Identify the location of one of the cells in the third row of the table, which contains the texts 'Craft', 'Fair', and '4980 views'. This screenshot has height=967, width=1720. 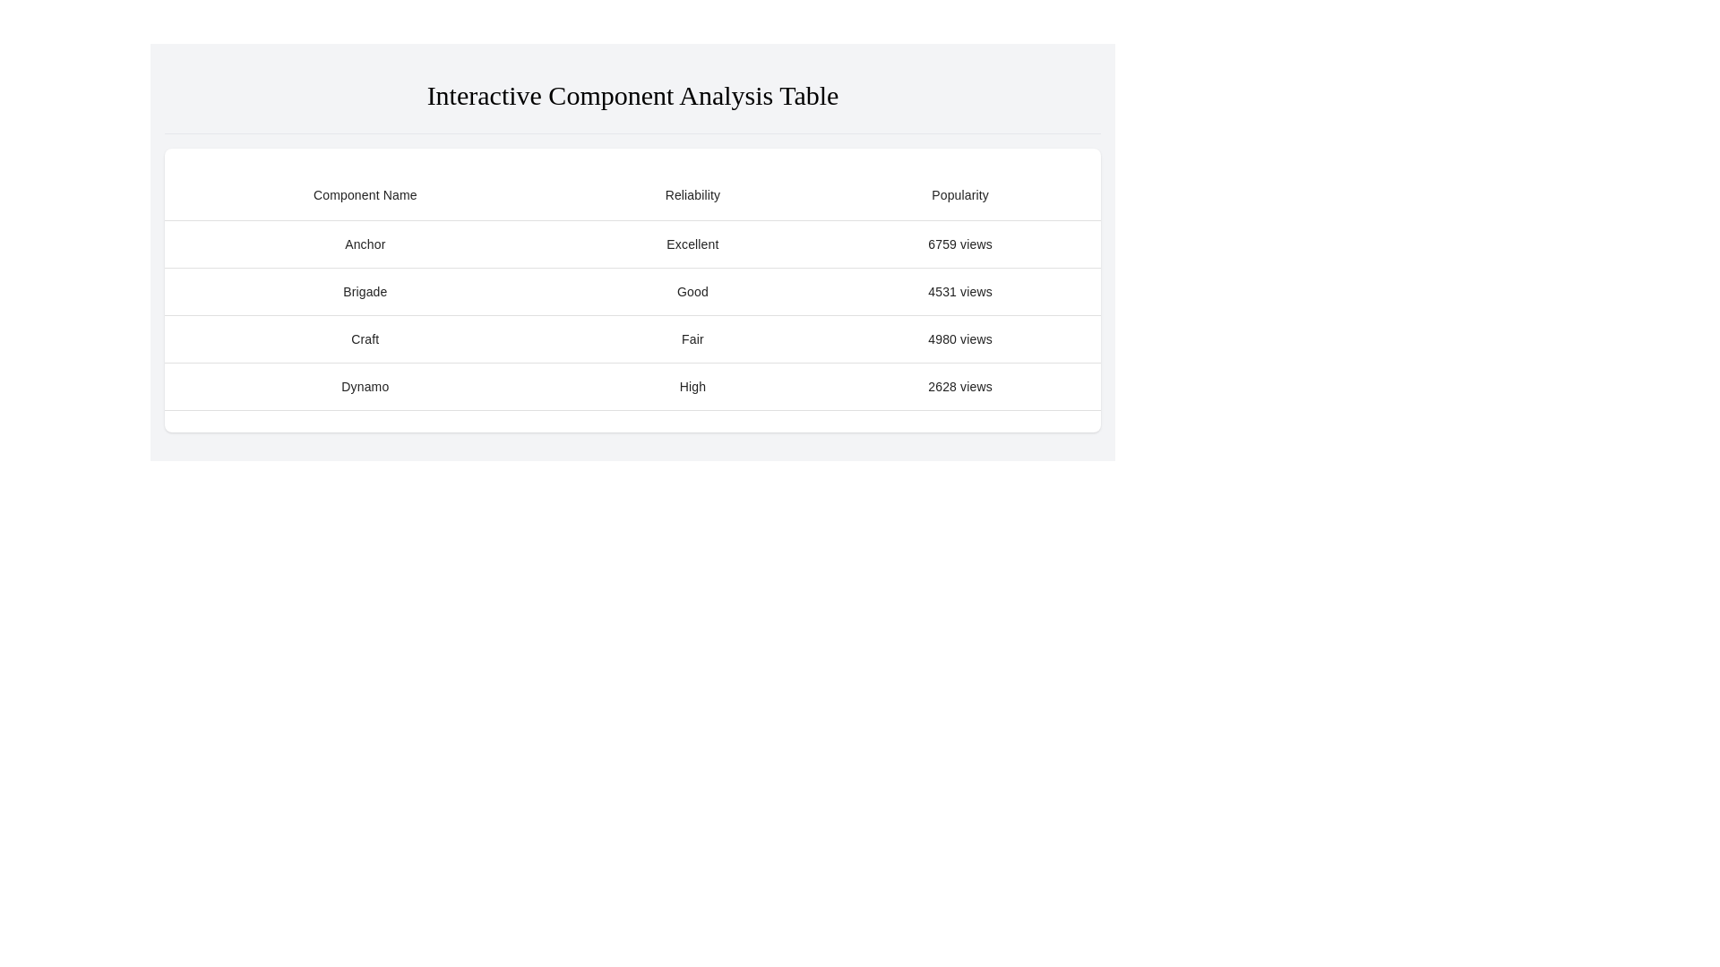
(632, 339).